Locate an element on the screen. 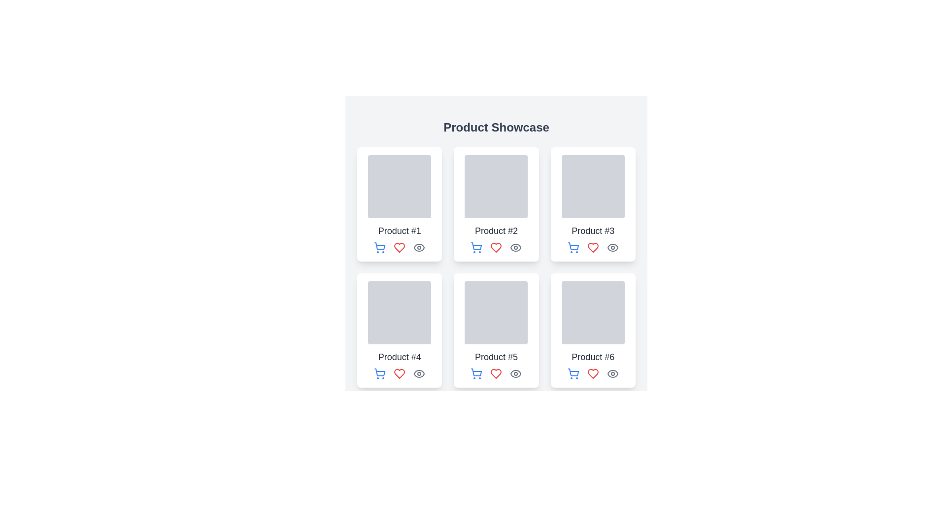 Image resolution: width=946 pixels, height=532 pixels. the heart icon button representing 'favorite' or 'like' action for 'Product #2' for keyboard navigation is located at coordinates (496, 247).